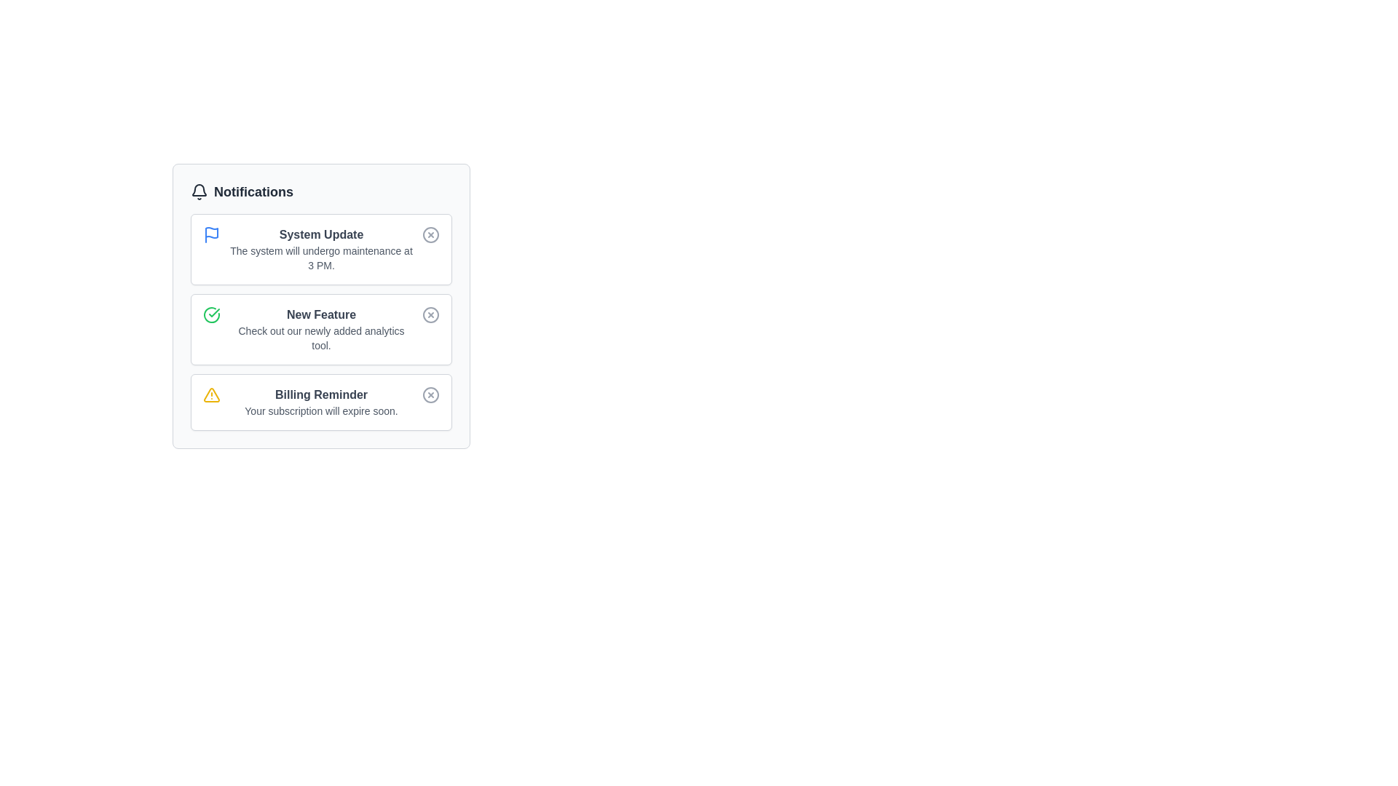 The width and height of the screenshot is (1398, 786). What do you see at coordinates (320, 395) in the screenshot?
I see `the 'Billing Reminder' text label which is styled as a bold gray font and positioned within the third notification card, serving as a heading for its section` at bounding box center [320, 395].